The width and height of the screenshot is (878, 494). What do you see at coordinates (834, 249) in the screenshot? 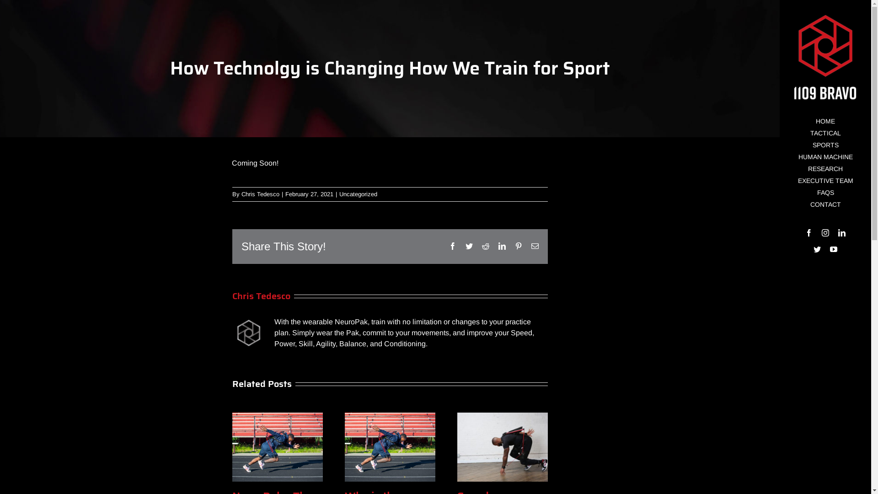
I see `'YouTube'` at bounding box center [834, 249].